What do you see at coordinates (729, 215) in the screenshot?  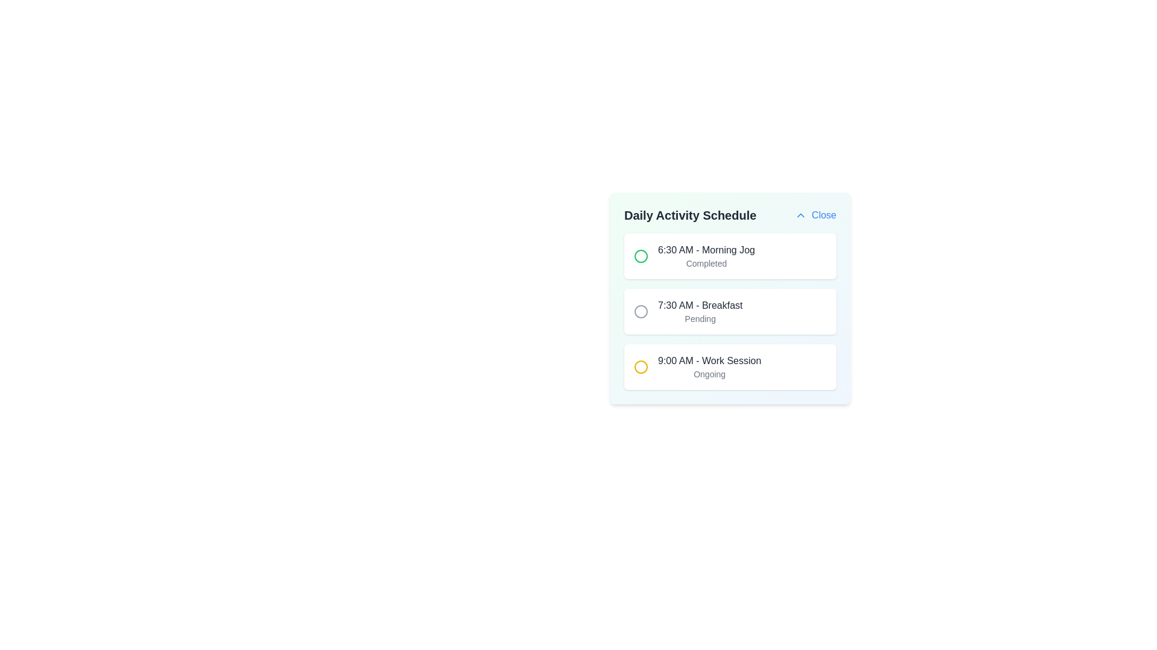 I see `the 'Daily Activity Schedule' heading element, which is styled with bold, large text and is located at the top-left corner of the card interface` at bounding box center [729, 215].